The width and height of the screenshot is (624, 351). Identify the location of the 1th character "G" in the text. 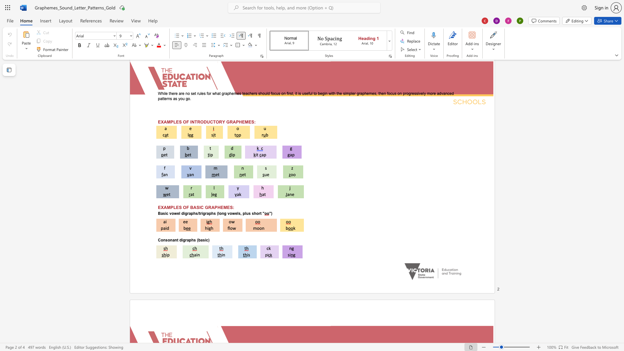
(206, 207).